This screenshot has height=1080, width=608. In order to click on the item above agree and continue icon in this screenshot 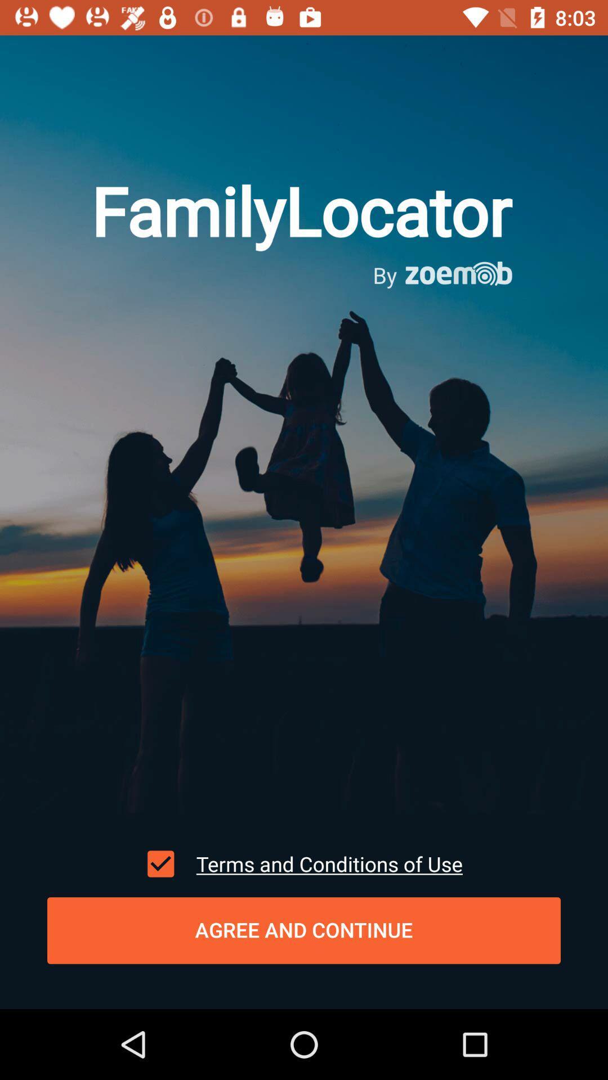, I will do `click(160, 863)`.